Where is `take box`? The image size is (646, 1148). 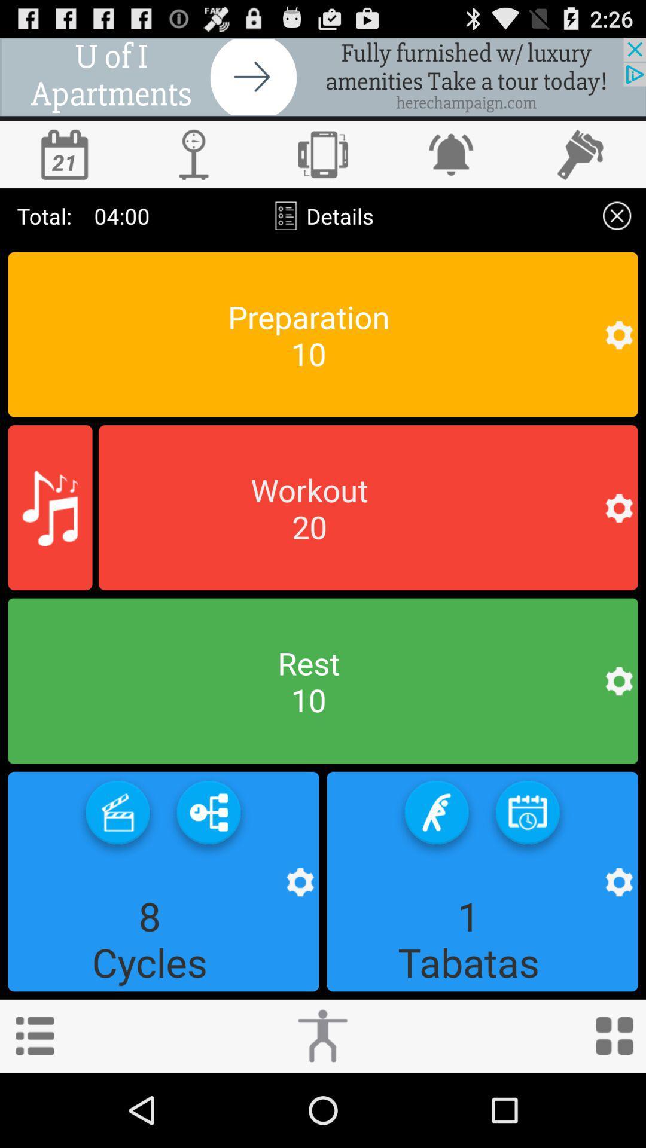 take box is located at coordinates (117, 816).